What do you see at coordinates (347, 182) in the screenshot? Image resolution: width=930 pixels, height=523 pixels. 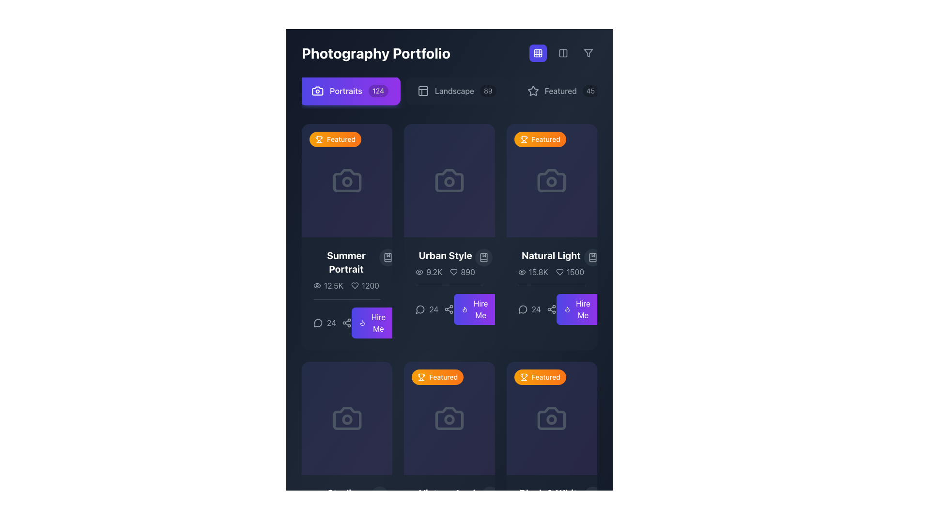 I see `the decorative graphic element located inside the camera icon within the 'Summer Portrait' card in the first column of the grid layout` at bounding box center [347, 182].